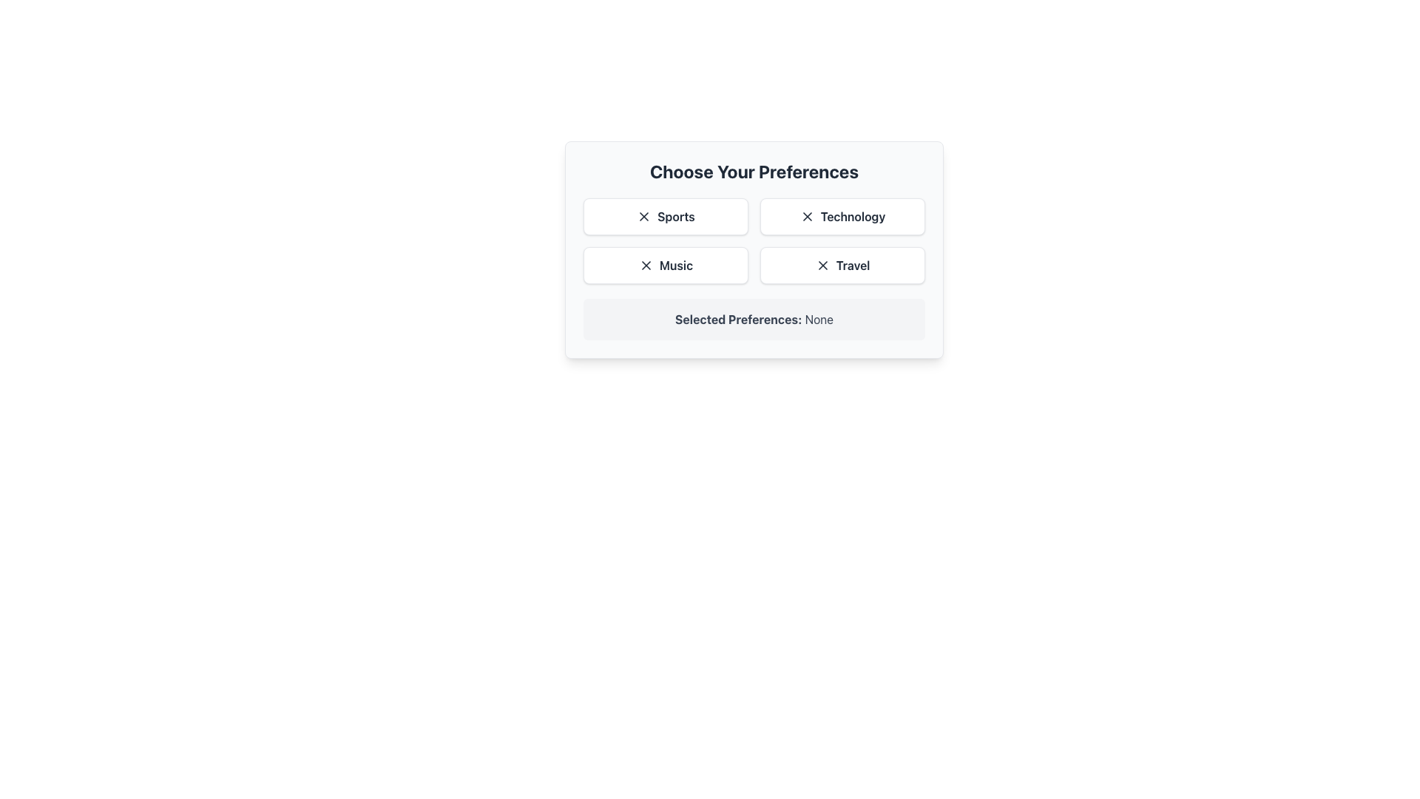 The width and height of the screenshot is (1420, 799). I want to click on the 'Sports' preference button located in the 'Choose Your Preferences' grid layout, so click(665, 217).